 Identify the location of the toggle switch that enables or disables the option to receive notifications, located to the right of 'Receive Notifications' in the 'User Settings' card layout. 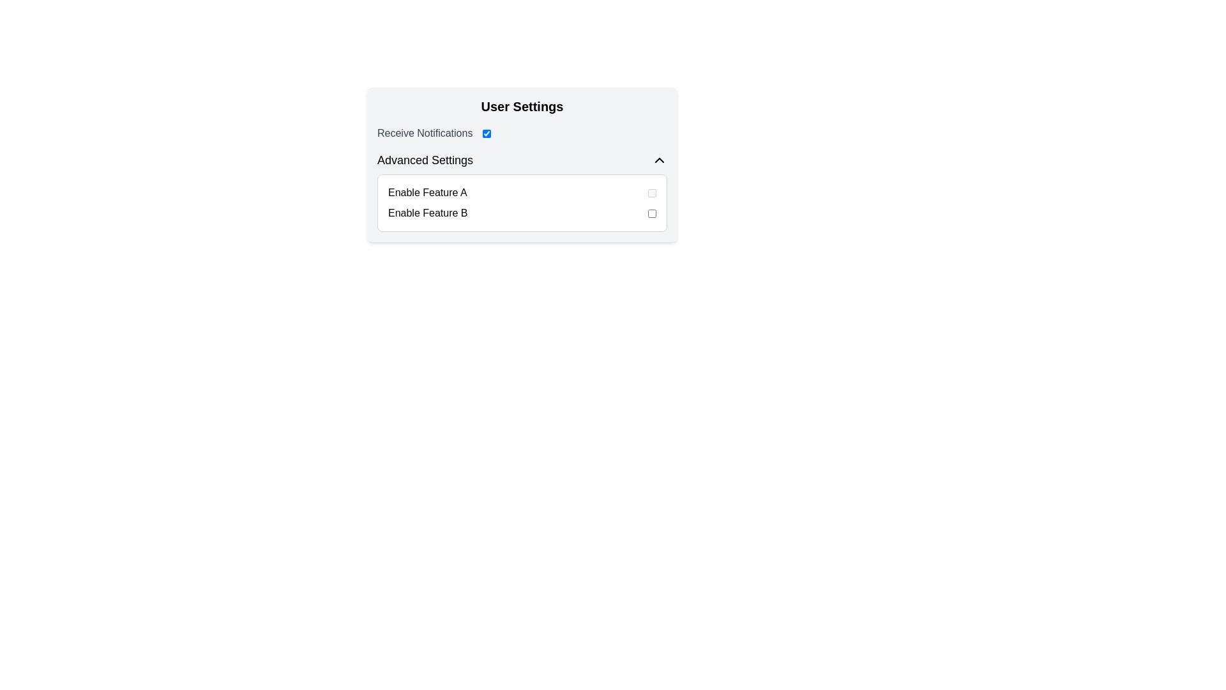
(486, 133).